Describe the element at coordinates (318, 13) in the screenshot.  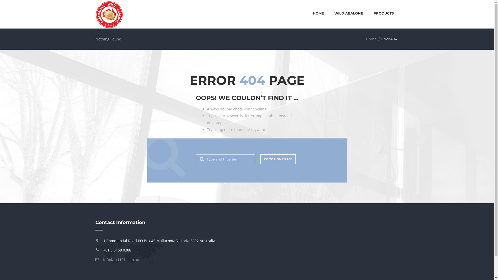
I see `'HOME'` at that location.